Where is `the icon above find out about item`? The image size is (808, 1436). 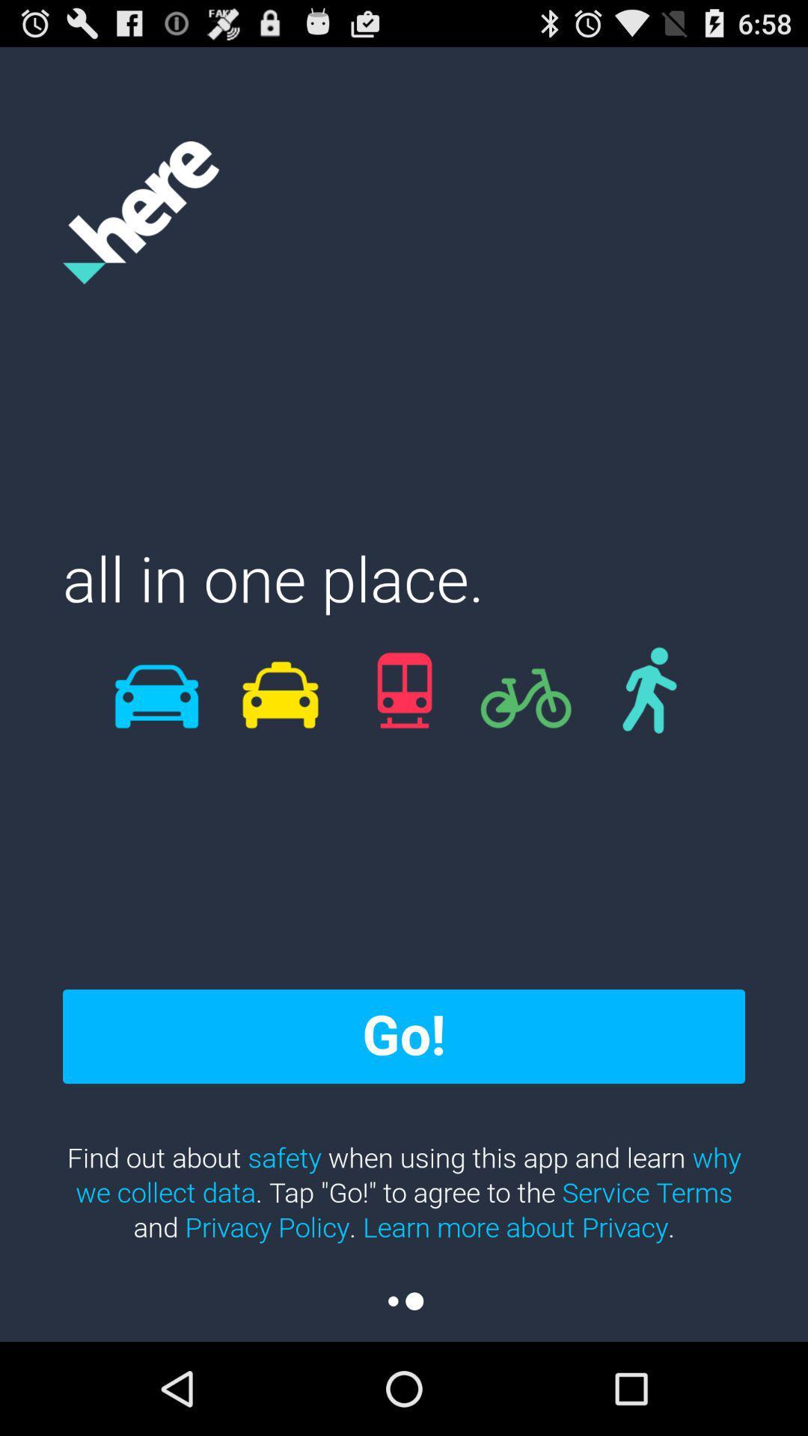
the icon above find out about item is located at coordinates (404, 1036).